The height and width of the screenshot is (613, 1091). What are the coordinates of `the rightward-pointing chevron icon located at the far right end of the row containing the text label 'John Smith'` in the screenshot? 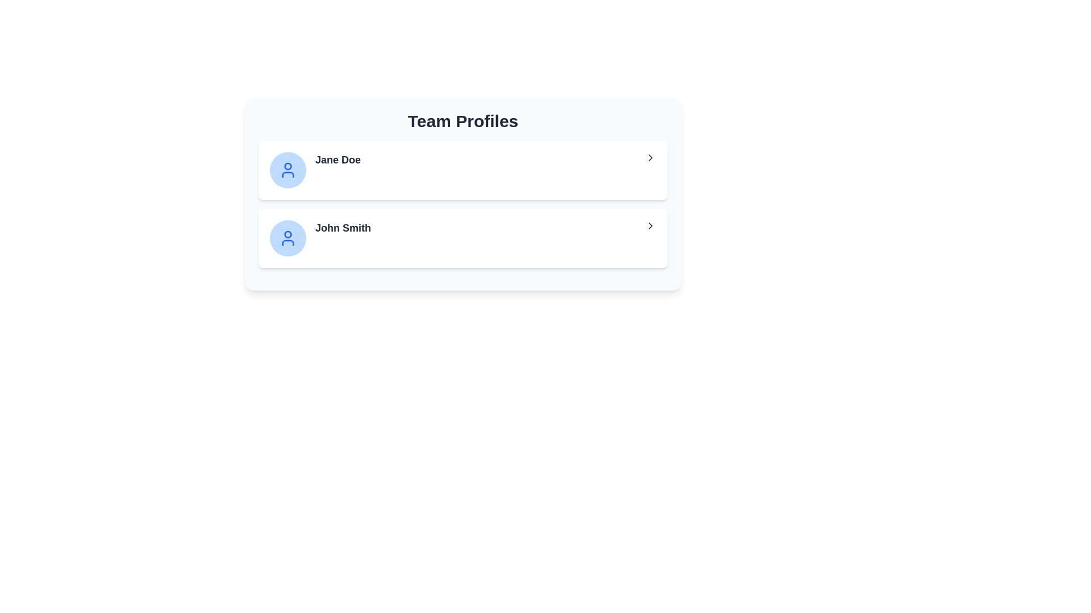 It's located at (651, 225).